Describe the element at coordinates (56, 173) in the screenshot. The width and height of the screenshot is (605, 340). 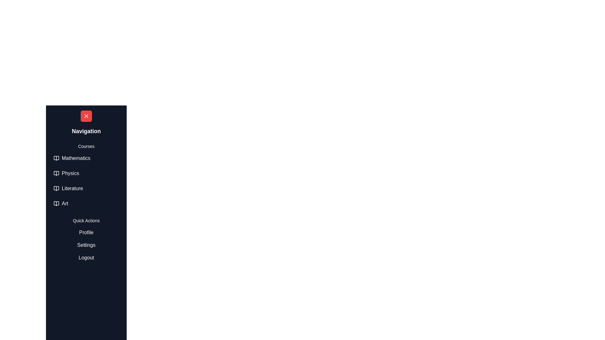
I see `the open book icon located to the left of the 'Physics' label in the 'Courses' section of the sidebar` at that location.